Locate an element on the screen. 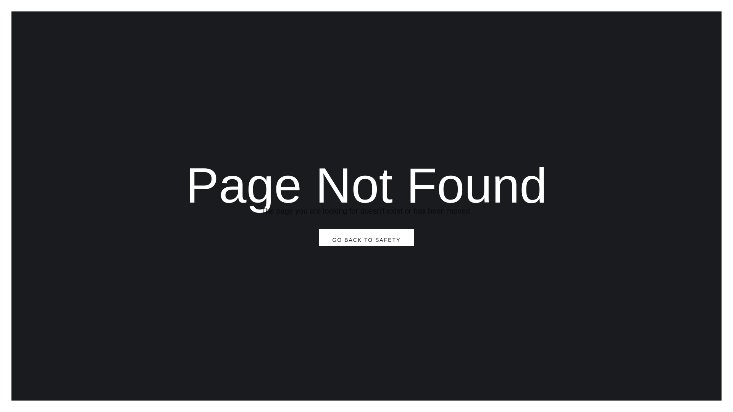  'GO BACK TO SAFETY' is located at coordinates (366, 237).